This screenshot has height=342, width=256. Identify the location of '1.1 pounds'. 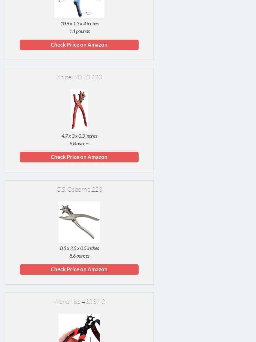
(79, 30).